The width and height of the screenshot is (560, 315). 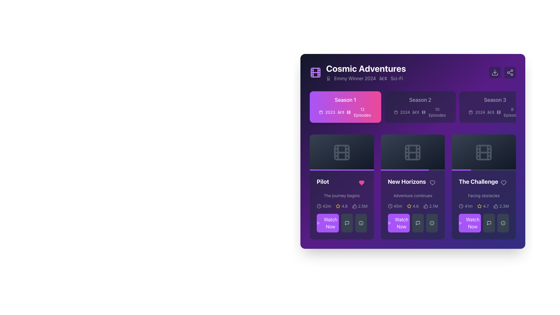 I want to click on the heart-shaped button located at the top-right corner of the 'The Challenge' section, so click(x=503, y=182).